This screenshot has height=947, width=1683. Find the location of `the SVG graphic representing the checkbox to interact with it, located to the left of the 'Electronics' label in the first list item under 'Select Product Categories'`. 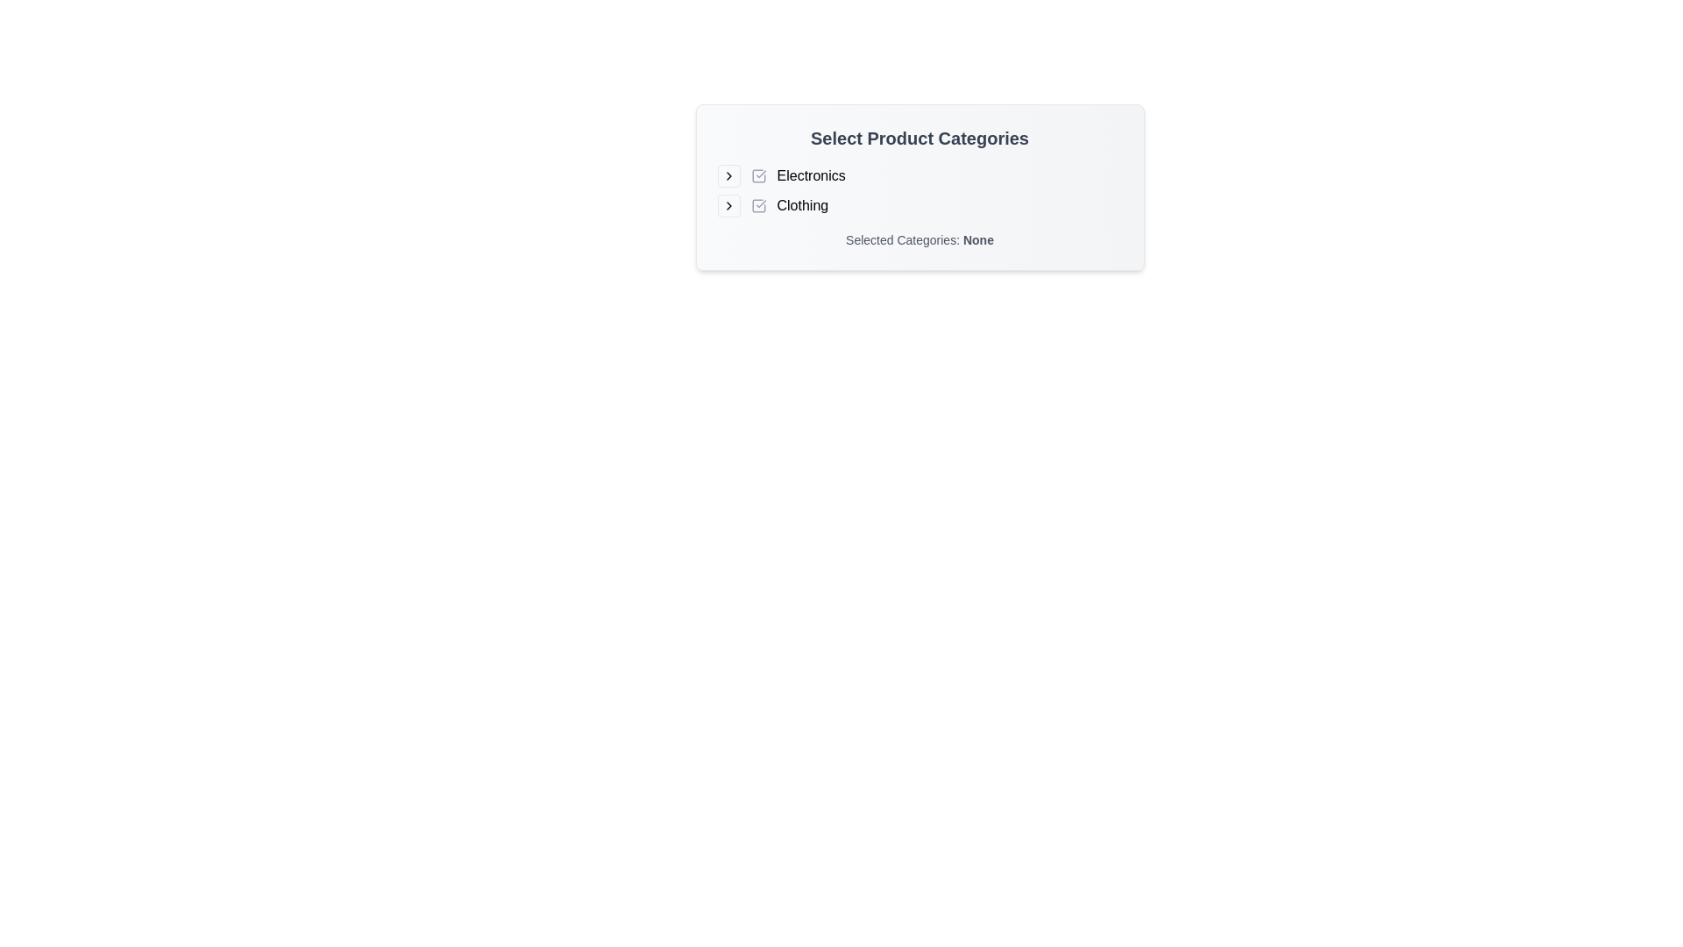

the SVG graphic representing the checkbox to interact with it, located to the left of the 'Electronics' label in the first list item under 'Select Product Categories' is located at coordinates (758, 175).